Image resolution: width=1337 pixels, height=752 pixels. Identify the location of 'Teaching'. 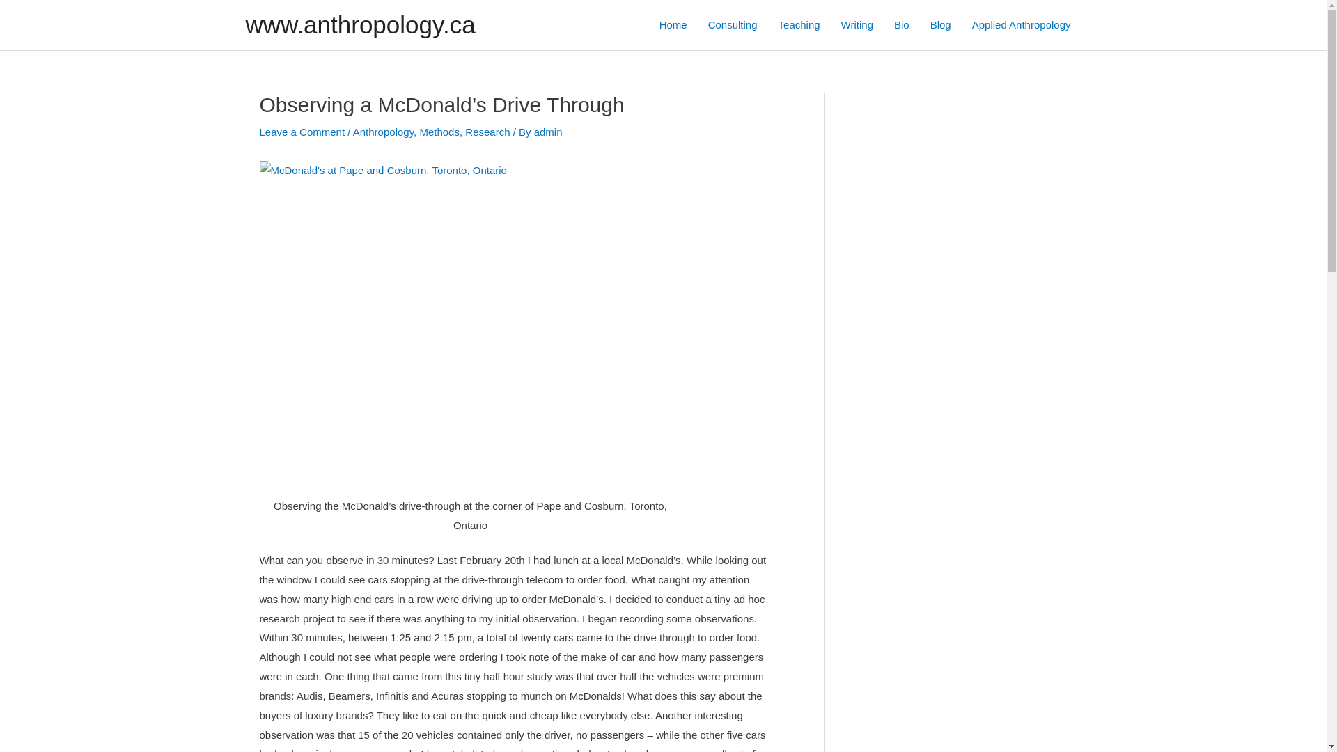
(799, 24).